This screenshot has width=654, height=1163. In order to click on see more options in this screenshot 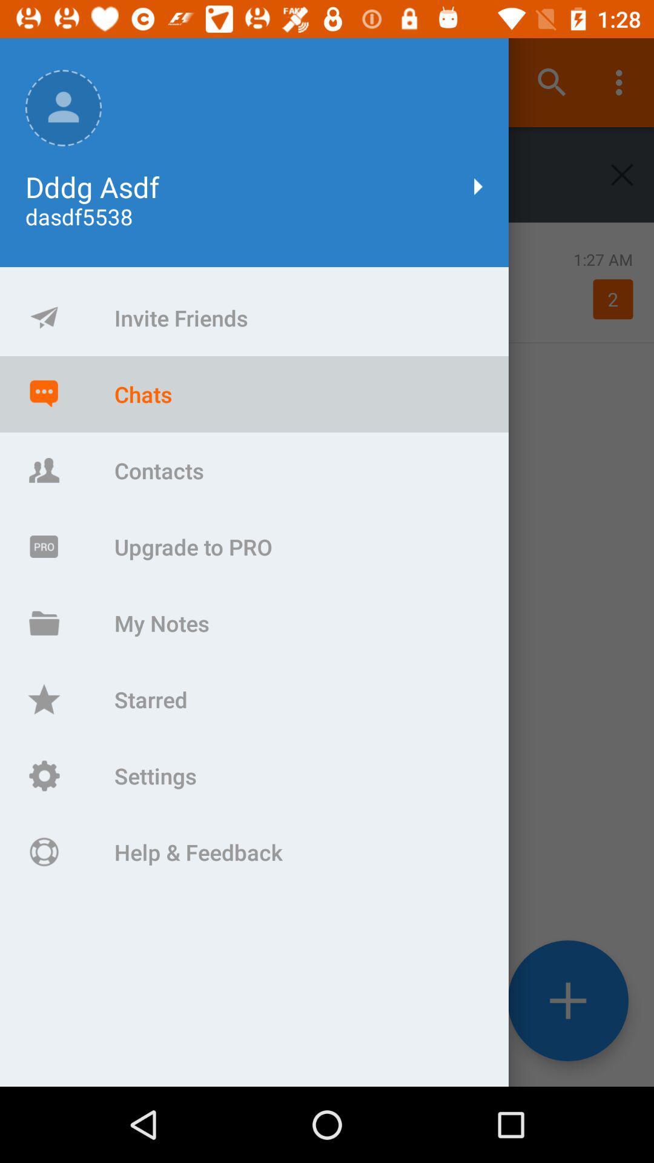, I will do `click(568, 1001)`.